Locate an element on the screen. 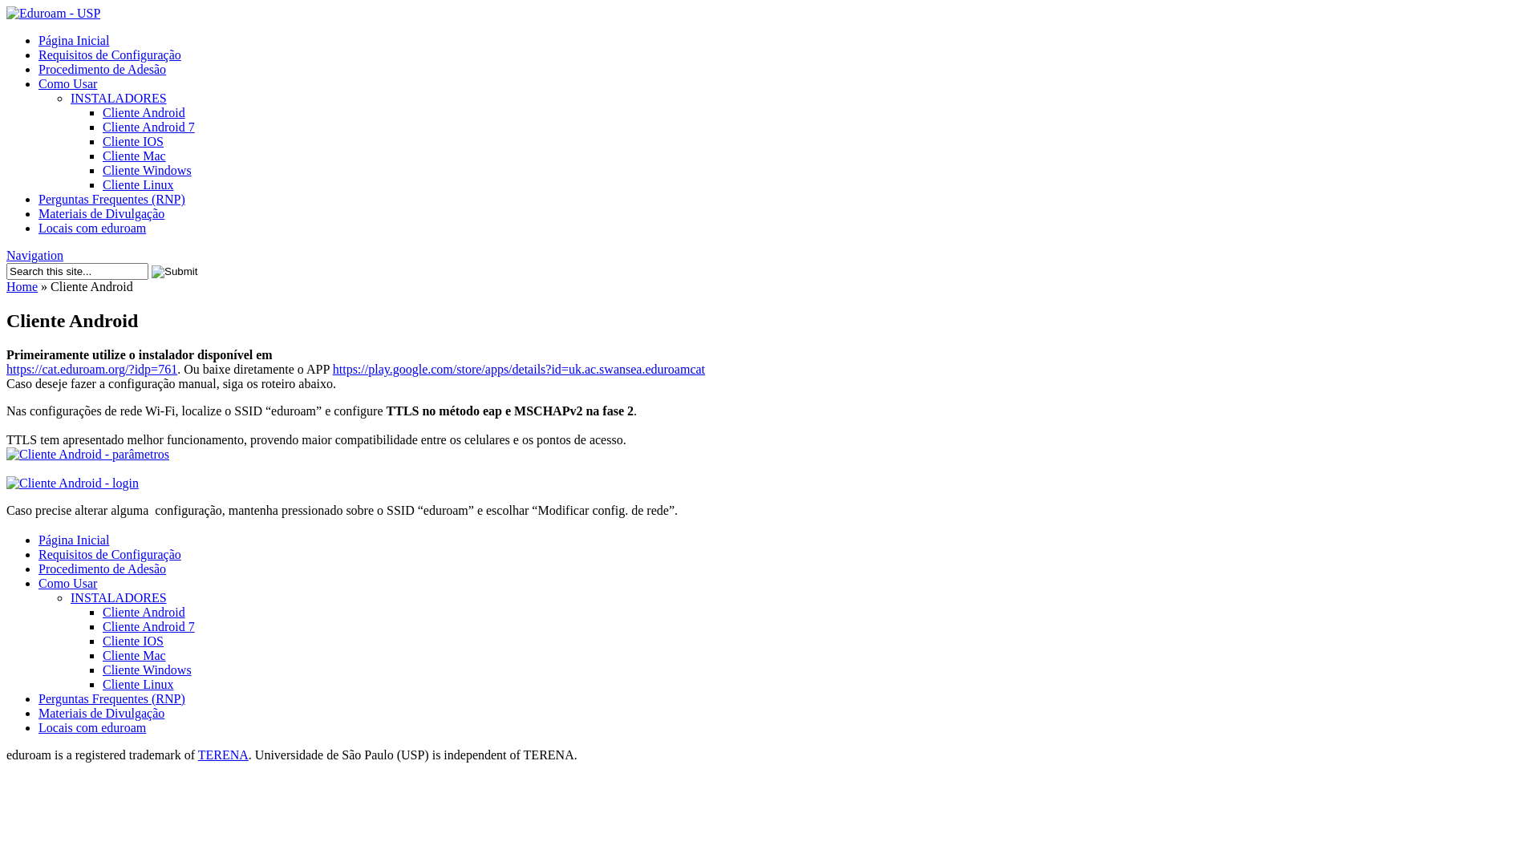 The image size is (1540, 866). 'https://cat.eduroam.org/?idp=761' is located at coordinates (91, 369).